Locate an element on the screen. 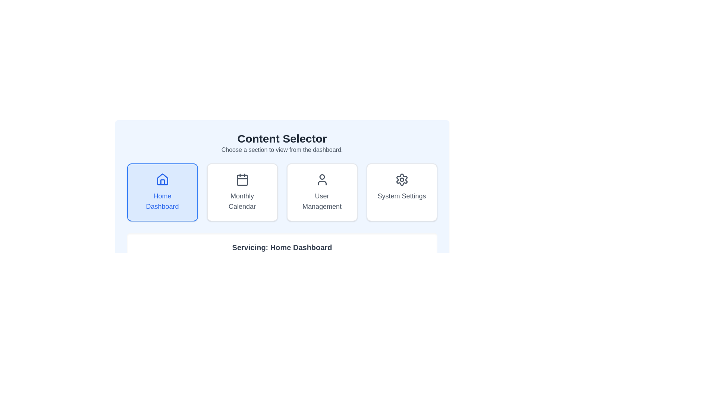 This screenshot has height=402, width=716. the circular SVG graphic element representing the user's head within the user management icon by clicking on its center is located at coordinates (322, 177).